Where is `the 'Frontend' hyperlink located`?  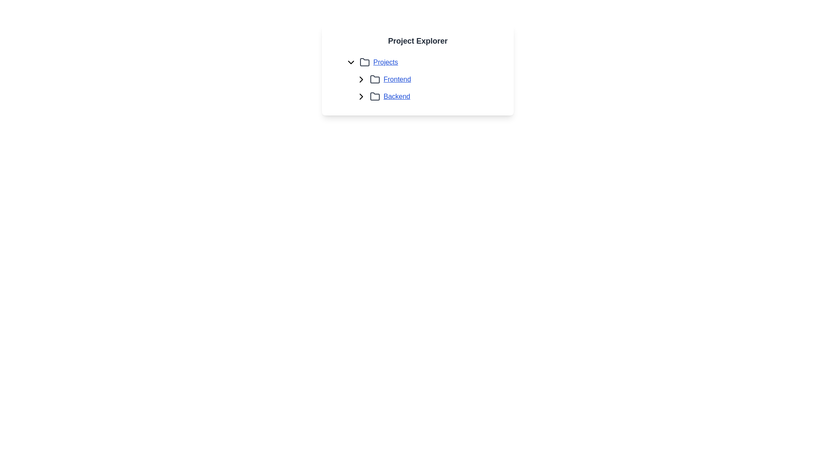
the 'Frontend' hyperlink located is located at coordinates (396, 79).